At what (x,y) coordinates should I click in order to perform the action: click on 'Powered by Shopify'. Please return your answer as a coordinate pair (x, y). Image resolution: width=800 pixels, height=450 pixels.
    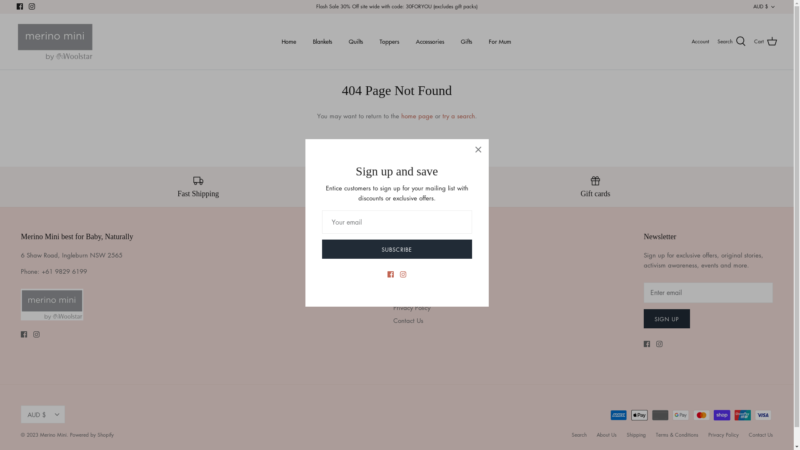
    Looking at the image, I should click on (92, 434).